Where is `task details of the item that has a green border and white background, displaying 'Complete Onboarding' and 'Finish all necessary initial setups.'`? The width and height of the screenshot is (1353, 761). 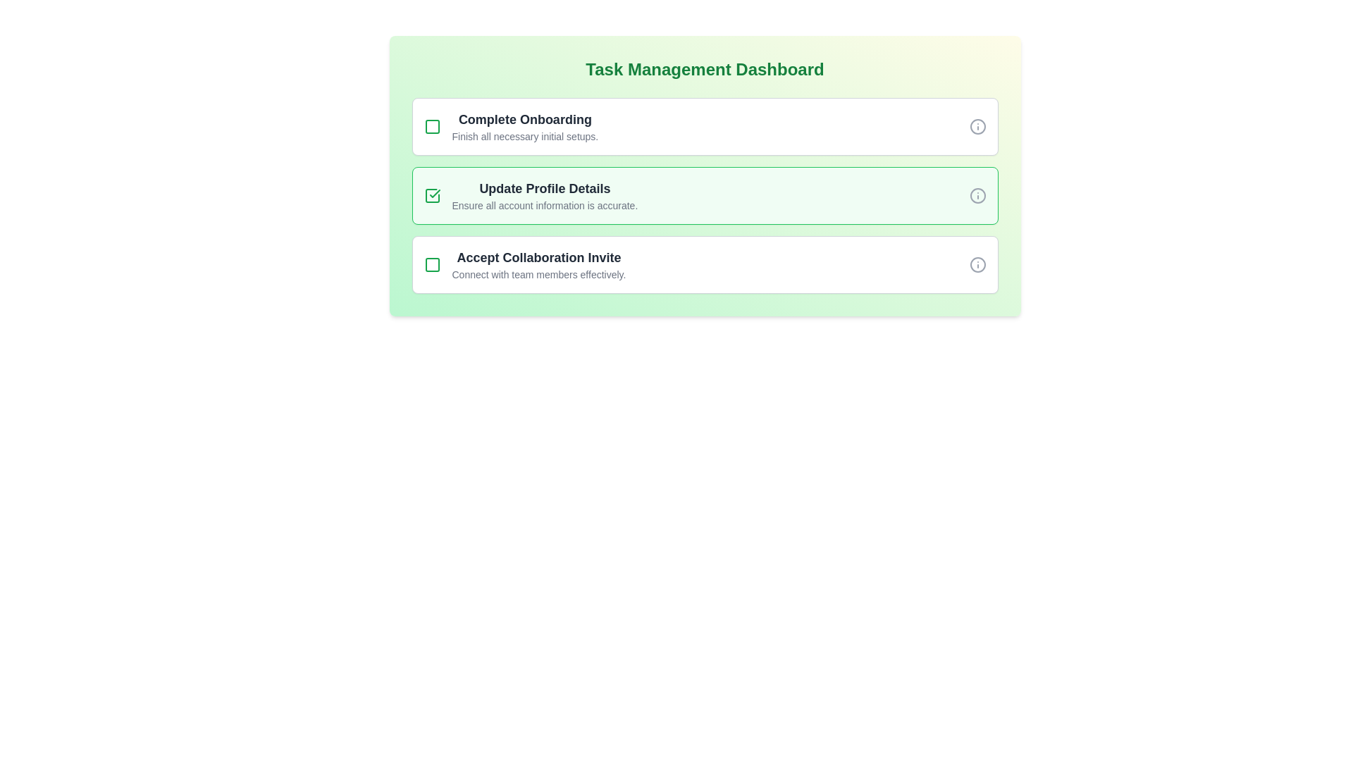 task details of the item that has a green border and white background, displaying 'Complete Onboarding' and 'Finish all necessary initial setups.' is located at coordinates (705, 127).